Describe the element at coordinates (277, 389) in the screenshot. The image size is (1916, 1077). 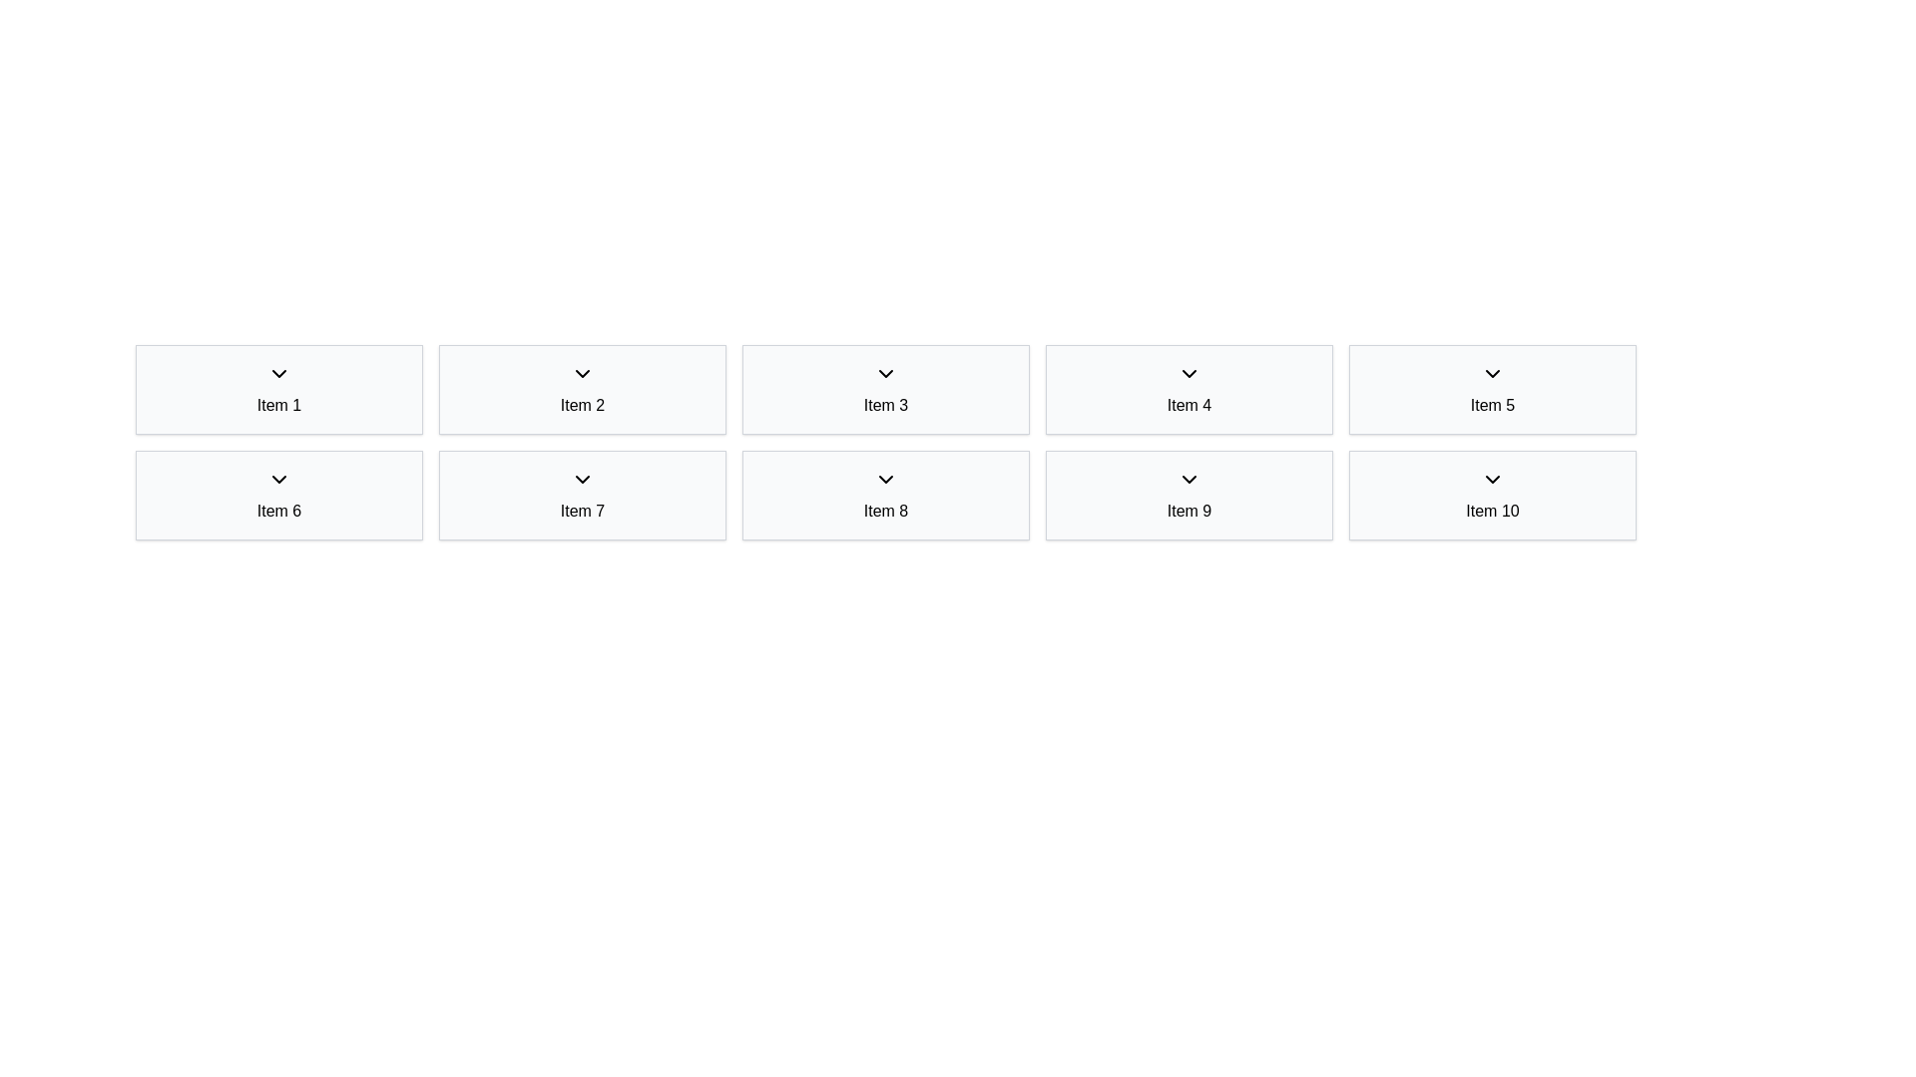
I see `the first item` at that location.